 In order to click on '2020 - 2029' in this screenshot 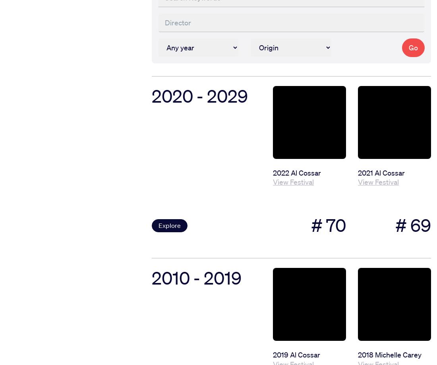, I will do `click(199, 95)`.